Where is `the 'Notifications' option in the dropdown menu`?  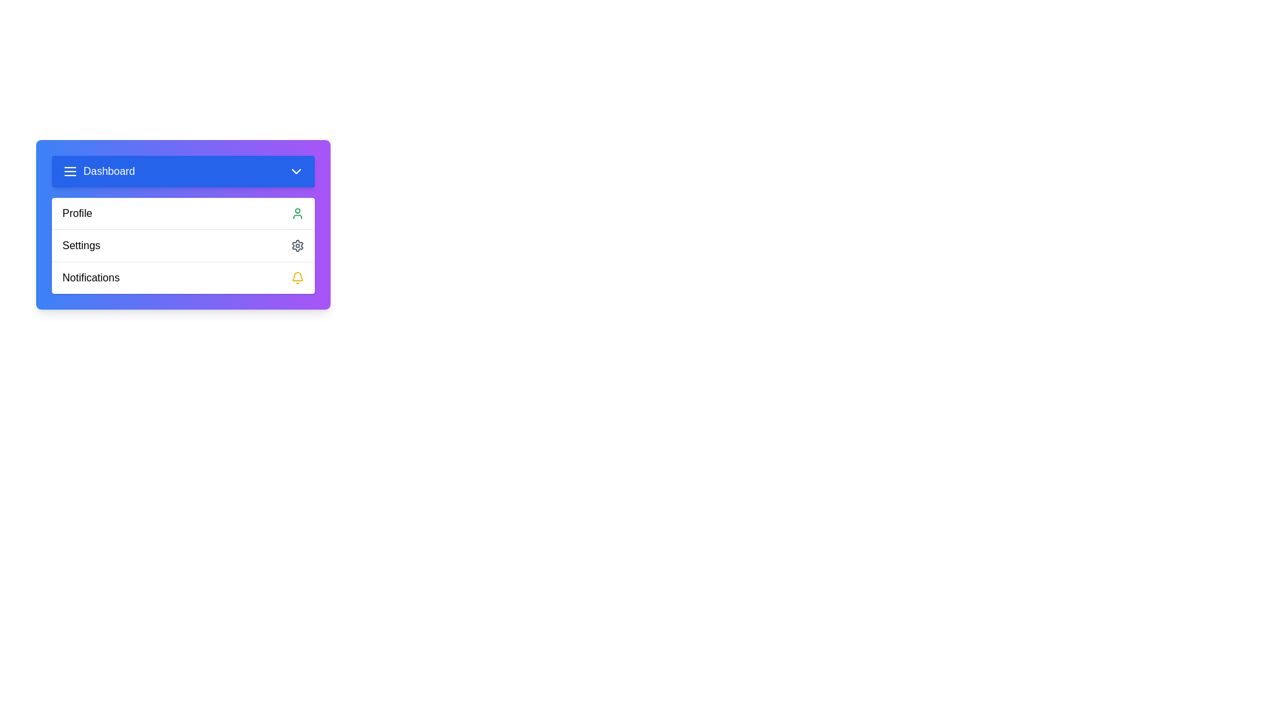 the 'Notifications' option in the dropdown menu is located at coordinates (182, 277).